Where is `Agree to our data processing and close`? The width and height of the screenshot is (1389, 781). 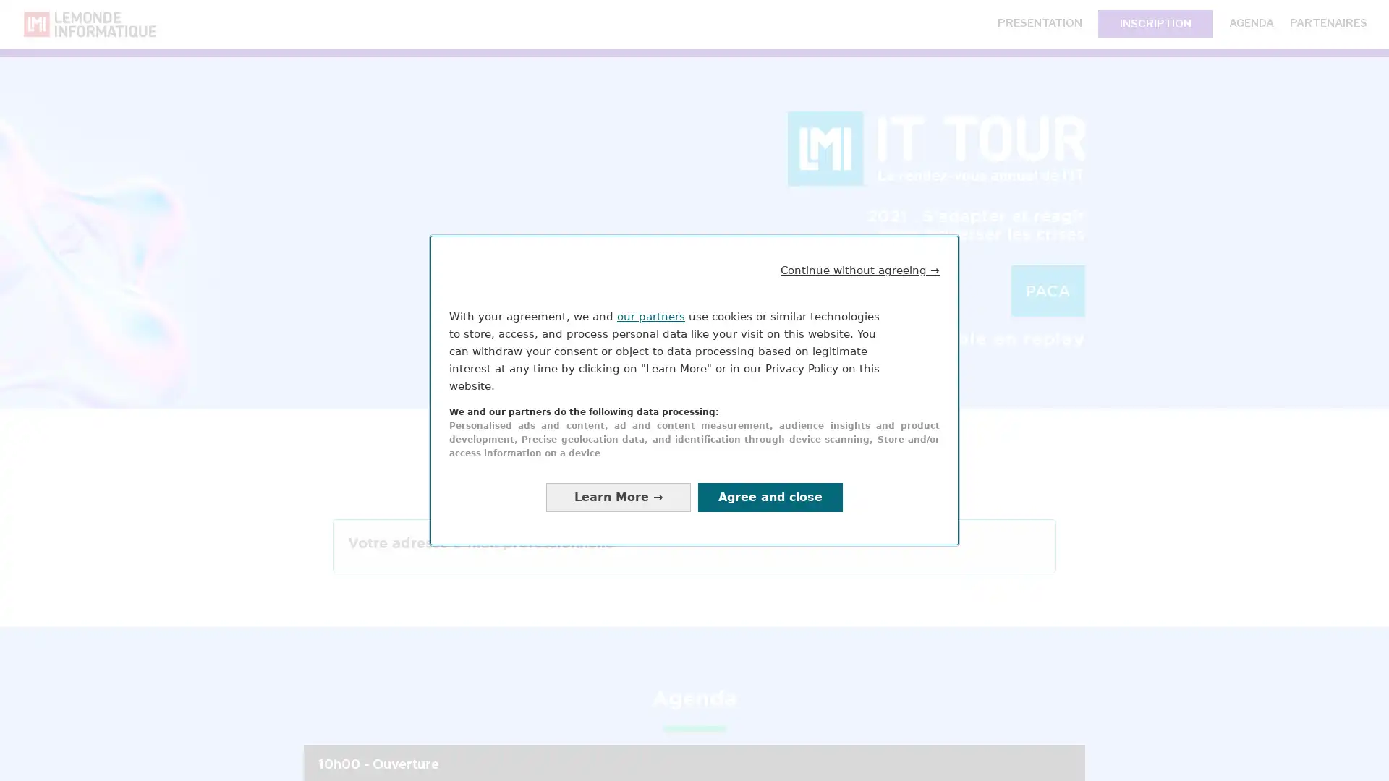 Agree to our data processing and close is located at coordinates (770, 496).